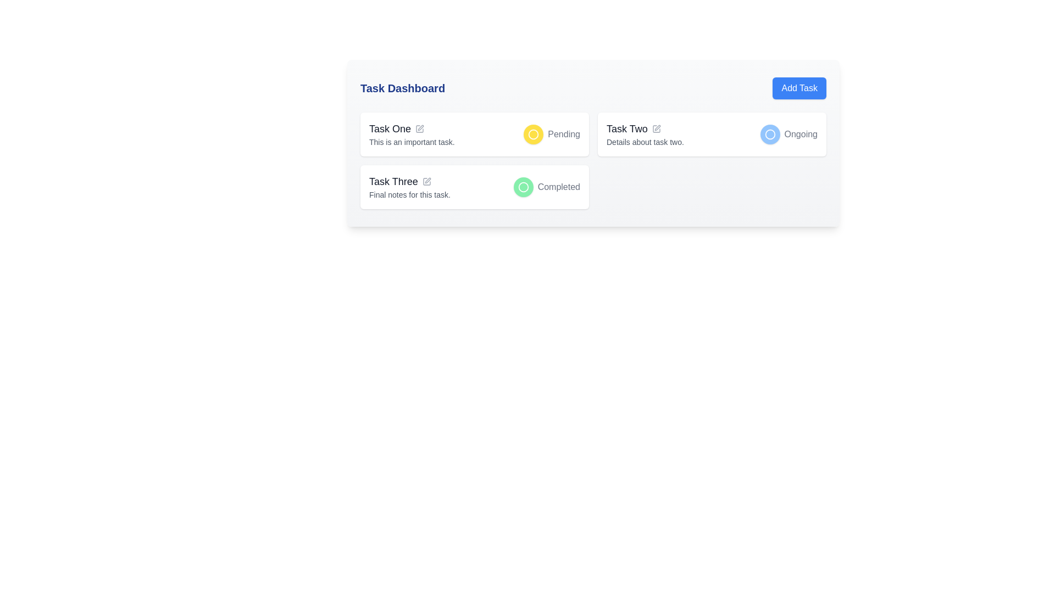 This screenshot has width=1055, height=593. What do you see at coordinates (645, 128) in the screenshot?
I see `the title text element for 'Task Two' that is located in the center column of the task dashboard, above the description text 'Details about task two.'` at bounding box center [645, 128].